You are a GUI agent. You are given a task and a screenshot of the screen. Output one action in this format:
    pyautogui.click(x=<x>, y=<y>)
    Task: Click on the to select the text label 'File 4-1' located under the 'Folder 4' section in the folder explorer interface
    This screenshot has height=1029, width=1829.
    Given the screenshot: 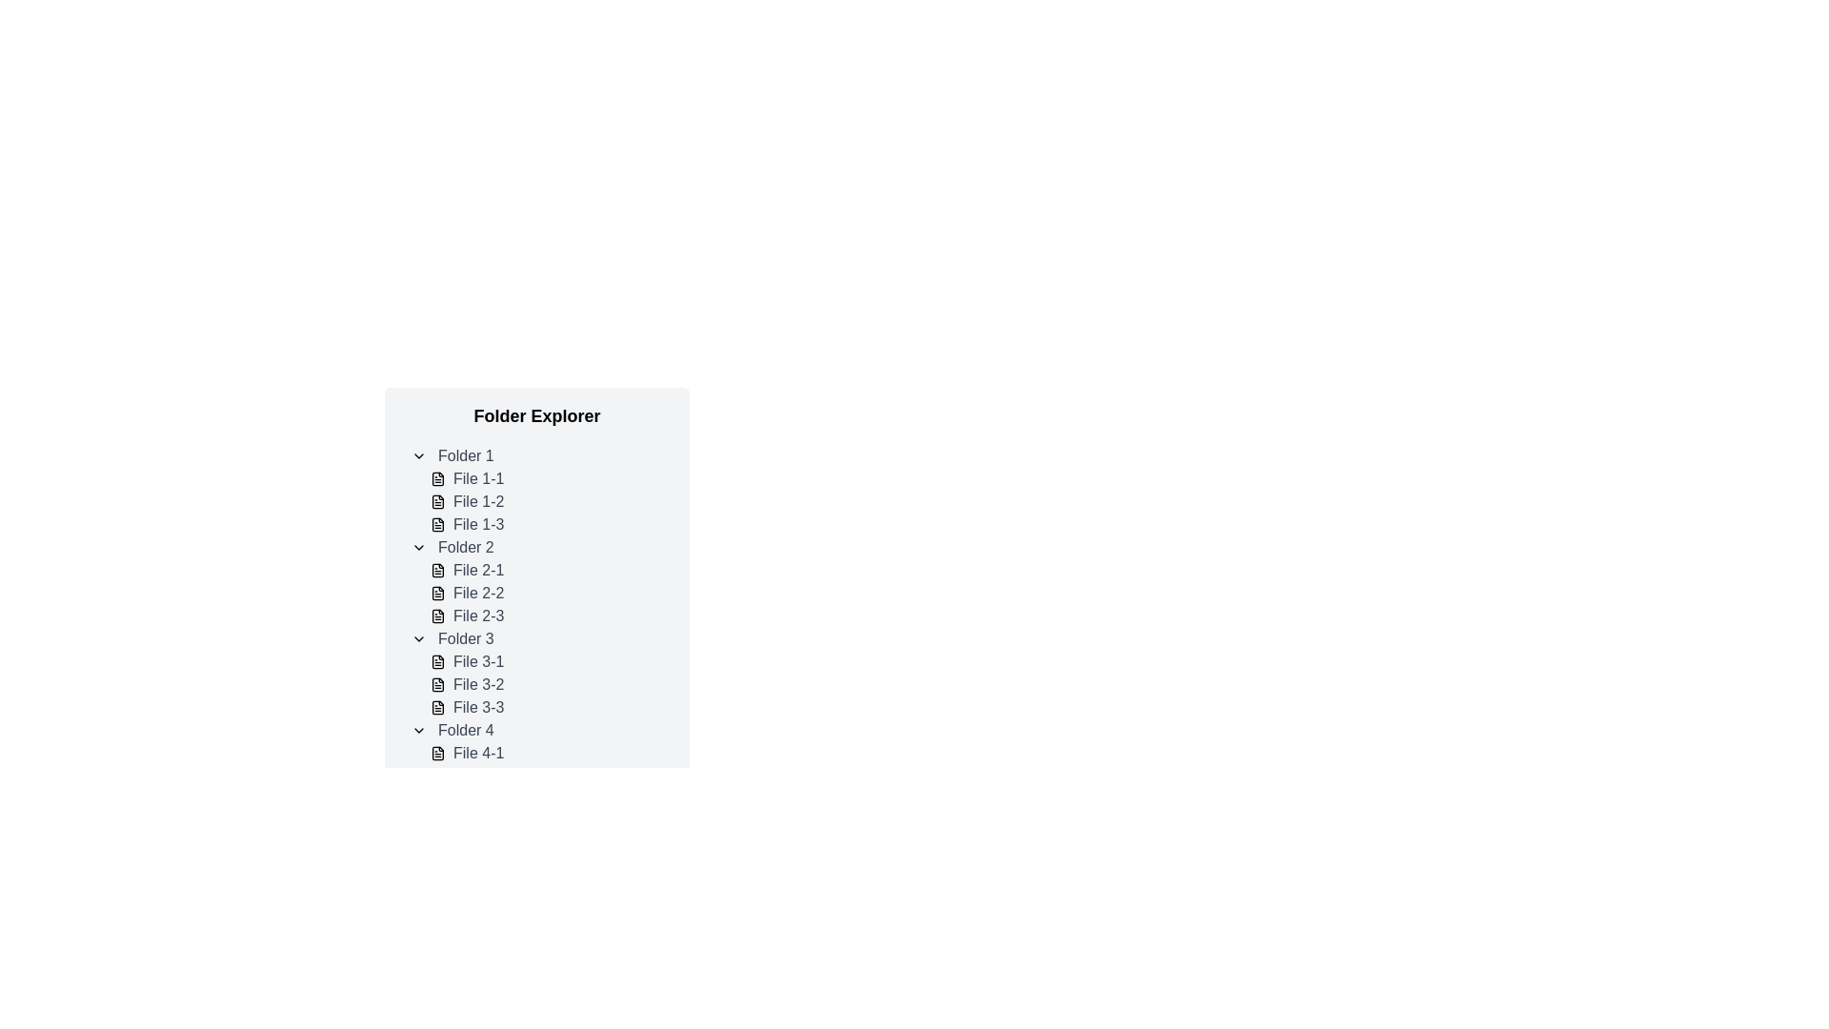 What is the action you would take?
    pyautogui.click(x=478, y=752)
    